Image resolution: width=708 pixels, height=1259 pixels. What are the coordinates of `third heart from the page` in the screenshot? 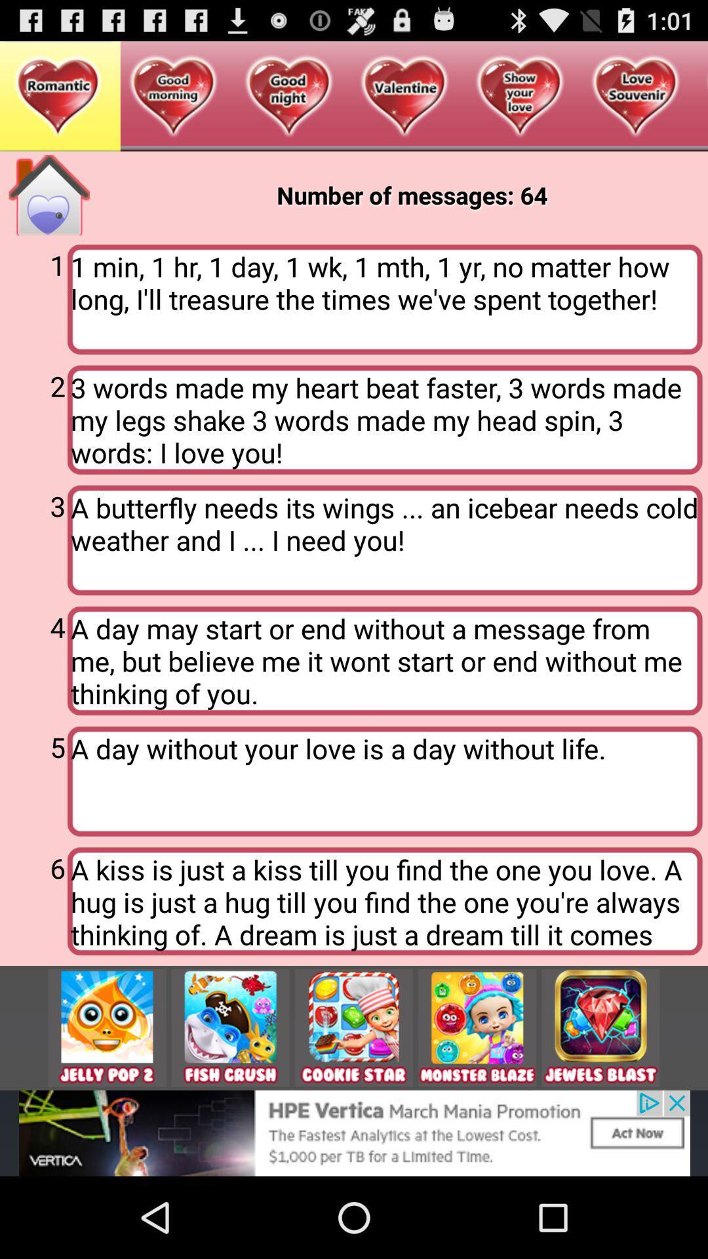 It's located at (288, 96).